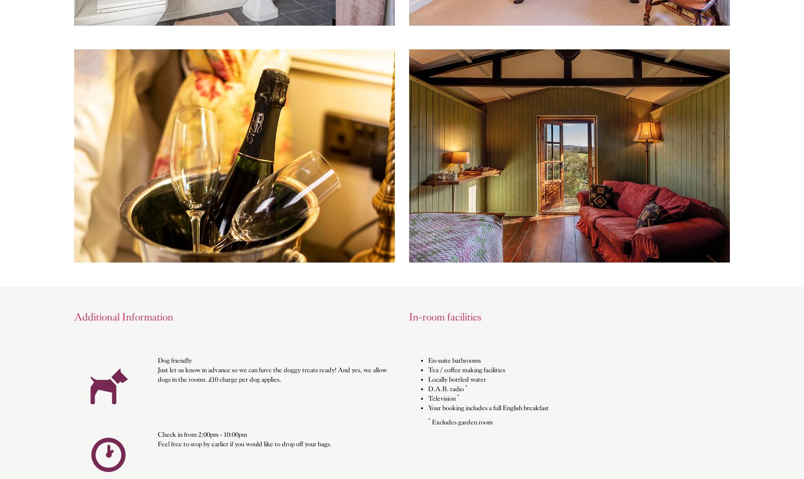 The height and width of the screenshot is (479, 804). Describe the element at coordinates (461, 422) in the screenshot. I see `'Excludes garden room'` at that location.